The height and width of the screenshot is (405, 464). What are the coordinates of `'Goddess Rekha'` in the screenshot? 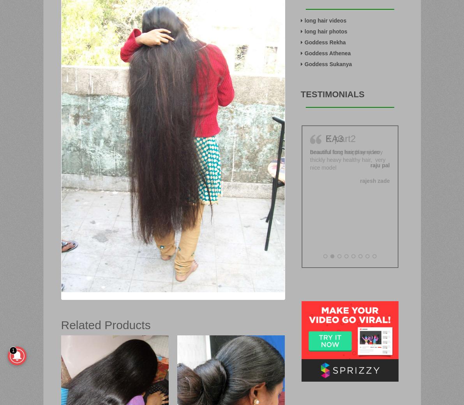 It's located at (325, 42).